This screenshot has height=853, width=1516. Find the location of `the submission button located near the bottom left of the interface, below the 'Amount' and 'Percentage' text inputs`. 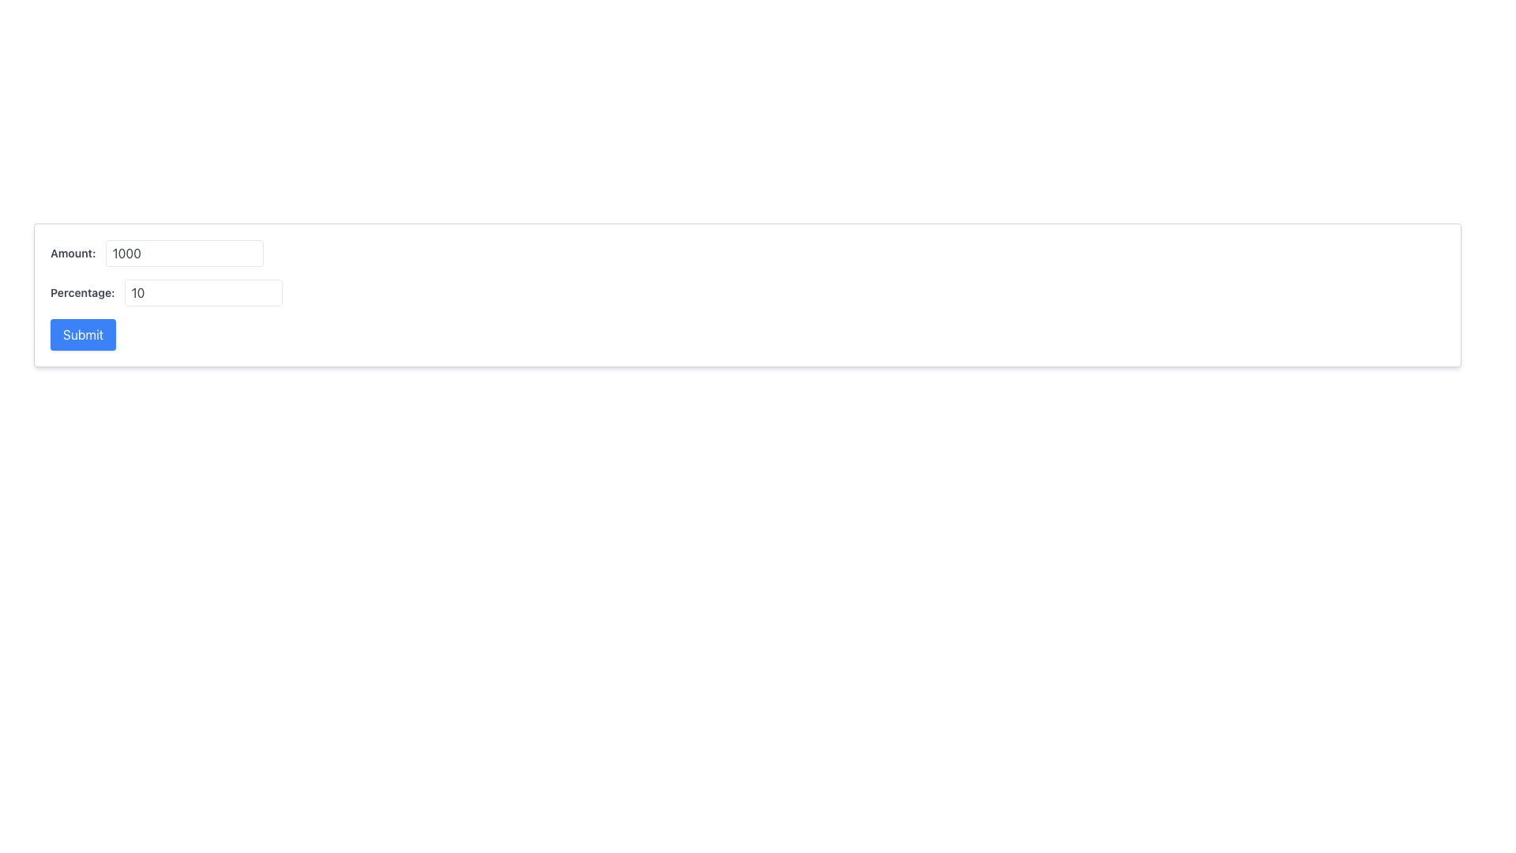

the submission button located near the bottom left of the interface, below the 'Amount' and 'Percentage' text inputs is located at coordinates (82, 334).